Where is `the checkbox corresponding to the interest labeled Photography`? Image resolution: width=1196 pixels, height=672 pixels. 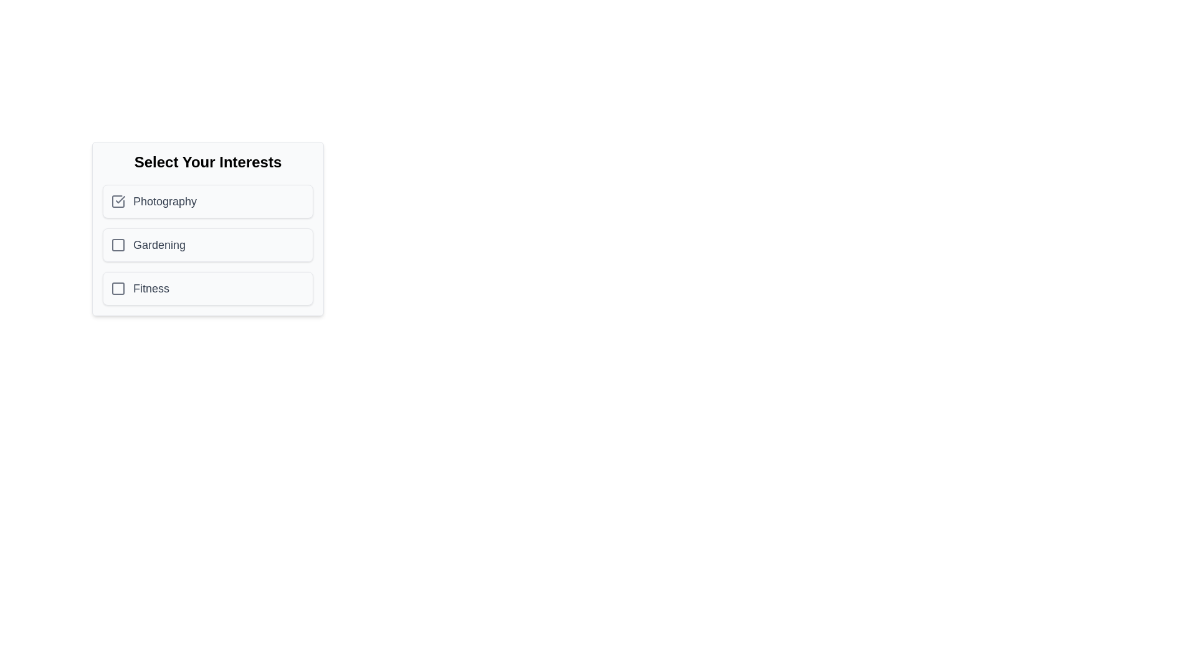 the checkbox corresponding to the interest labeled Photography is located at coordinates (118, 201).